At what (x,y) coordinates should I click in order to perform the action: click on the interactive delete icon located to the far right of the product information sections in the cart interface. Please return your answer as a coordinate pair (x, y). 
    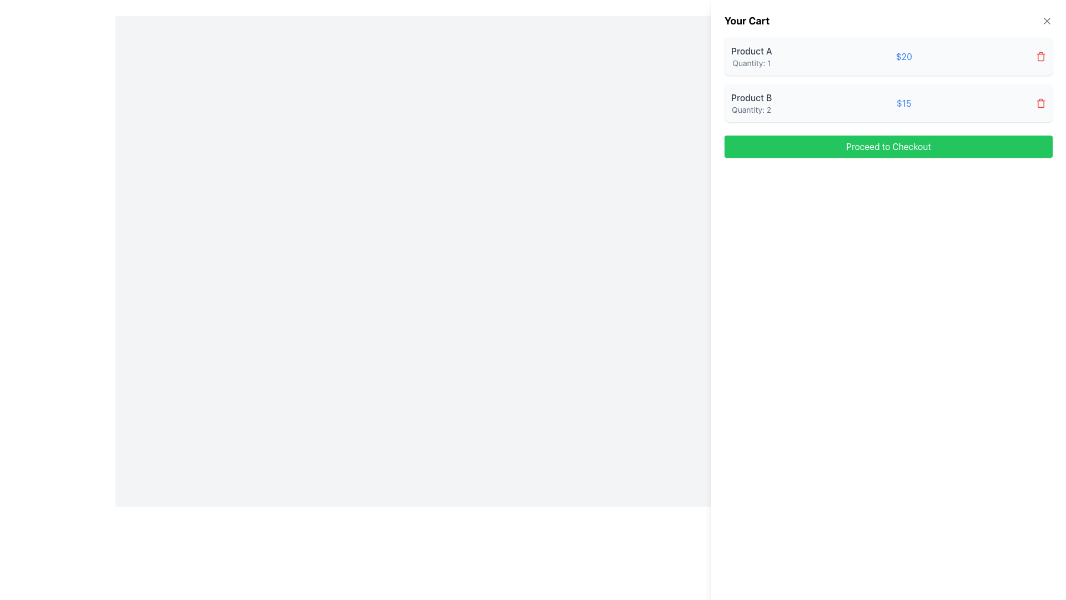
    Looking at the image, I should click on (1040, 57).